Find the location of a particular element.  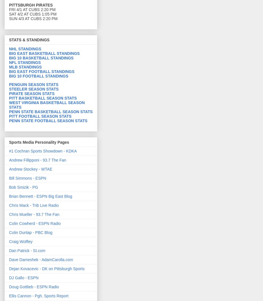

'Doug Gottlieb - ESPN Radio' is located at coordinates (8, 287).